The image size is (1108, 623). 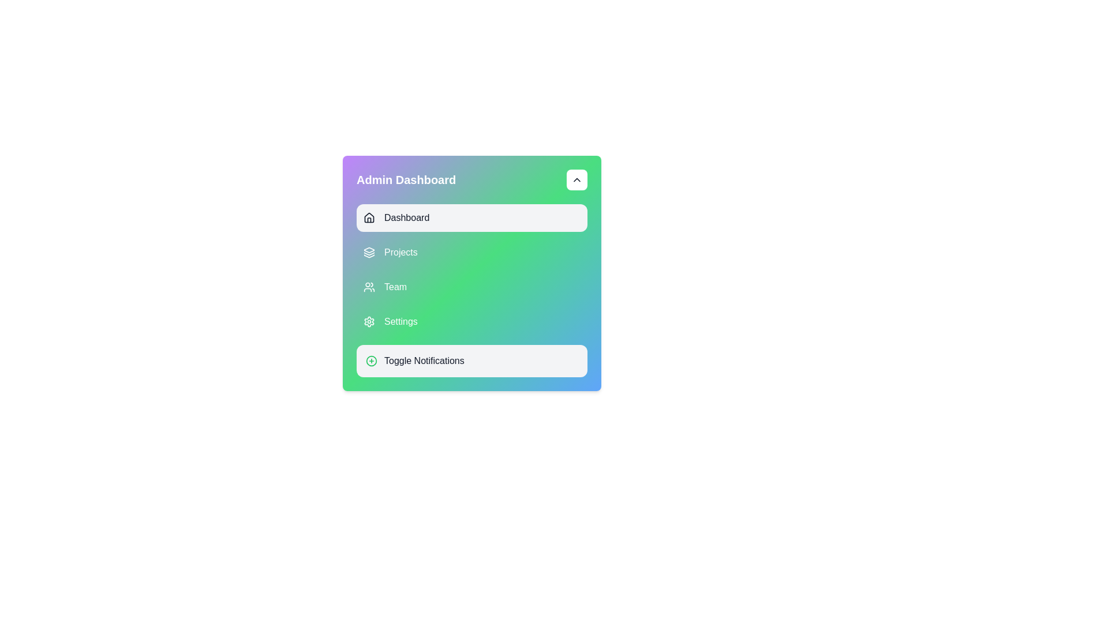 What do you see at coordinates (368, 255) in the screenshot?
I see `the bottom-most layer of the icon next to the 'Projects' label in the 'Admin Dashboard' menu` at bounding box center [368, 255].